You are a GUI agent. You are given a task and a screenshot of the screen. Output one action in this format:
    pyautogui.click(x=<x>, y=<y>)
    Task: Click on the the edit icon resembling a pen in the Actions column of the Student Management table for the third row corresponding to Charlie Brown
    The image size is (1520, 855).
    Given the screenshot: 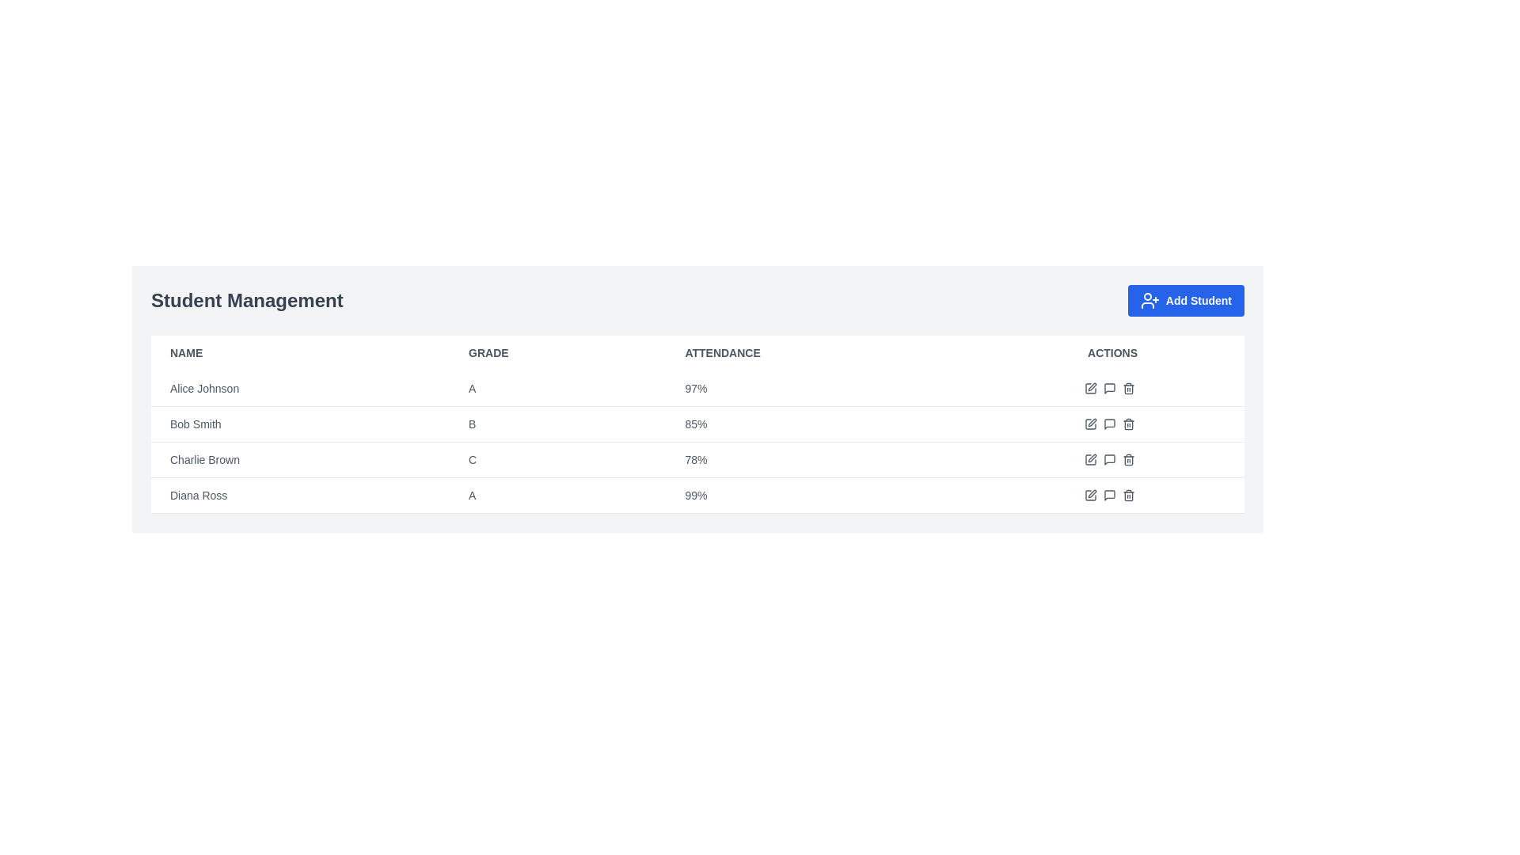 What is the action you would take?
    pyautogui.click(x=1089, y=460)
    